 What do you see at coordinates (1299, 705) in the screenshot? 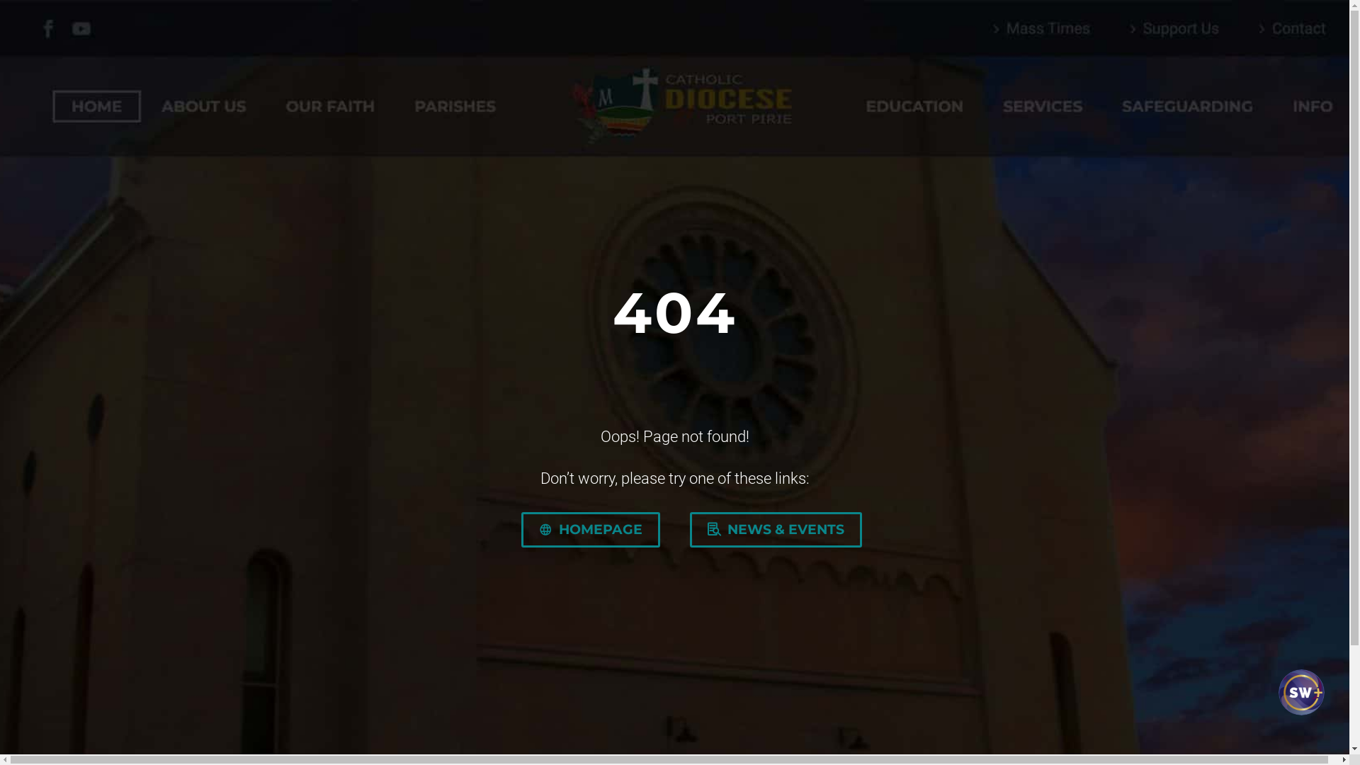
I see `'SW Plus'` at bounding box center [1299, 705].